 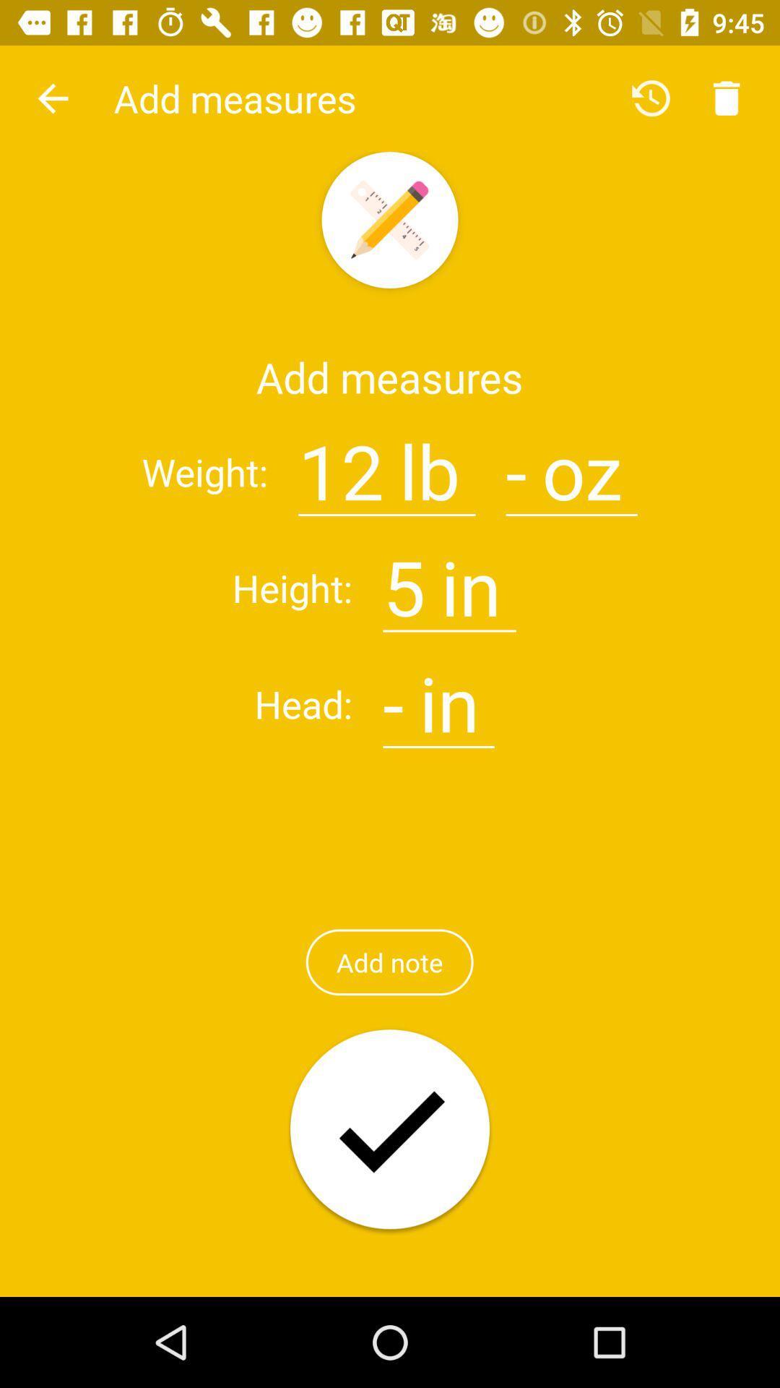 What do you see at coordinates (341, 463) in the screenshot?
I see `12 item` at bounding box center [341, 463].